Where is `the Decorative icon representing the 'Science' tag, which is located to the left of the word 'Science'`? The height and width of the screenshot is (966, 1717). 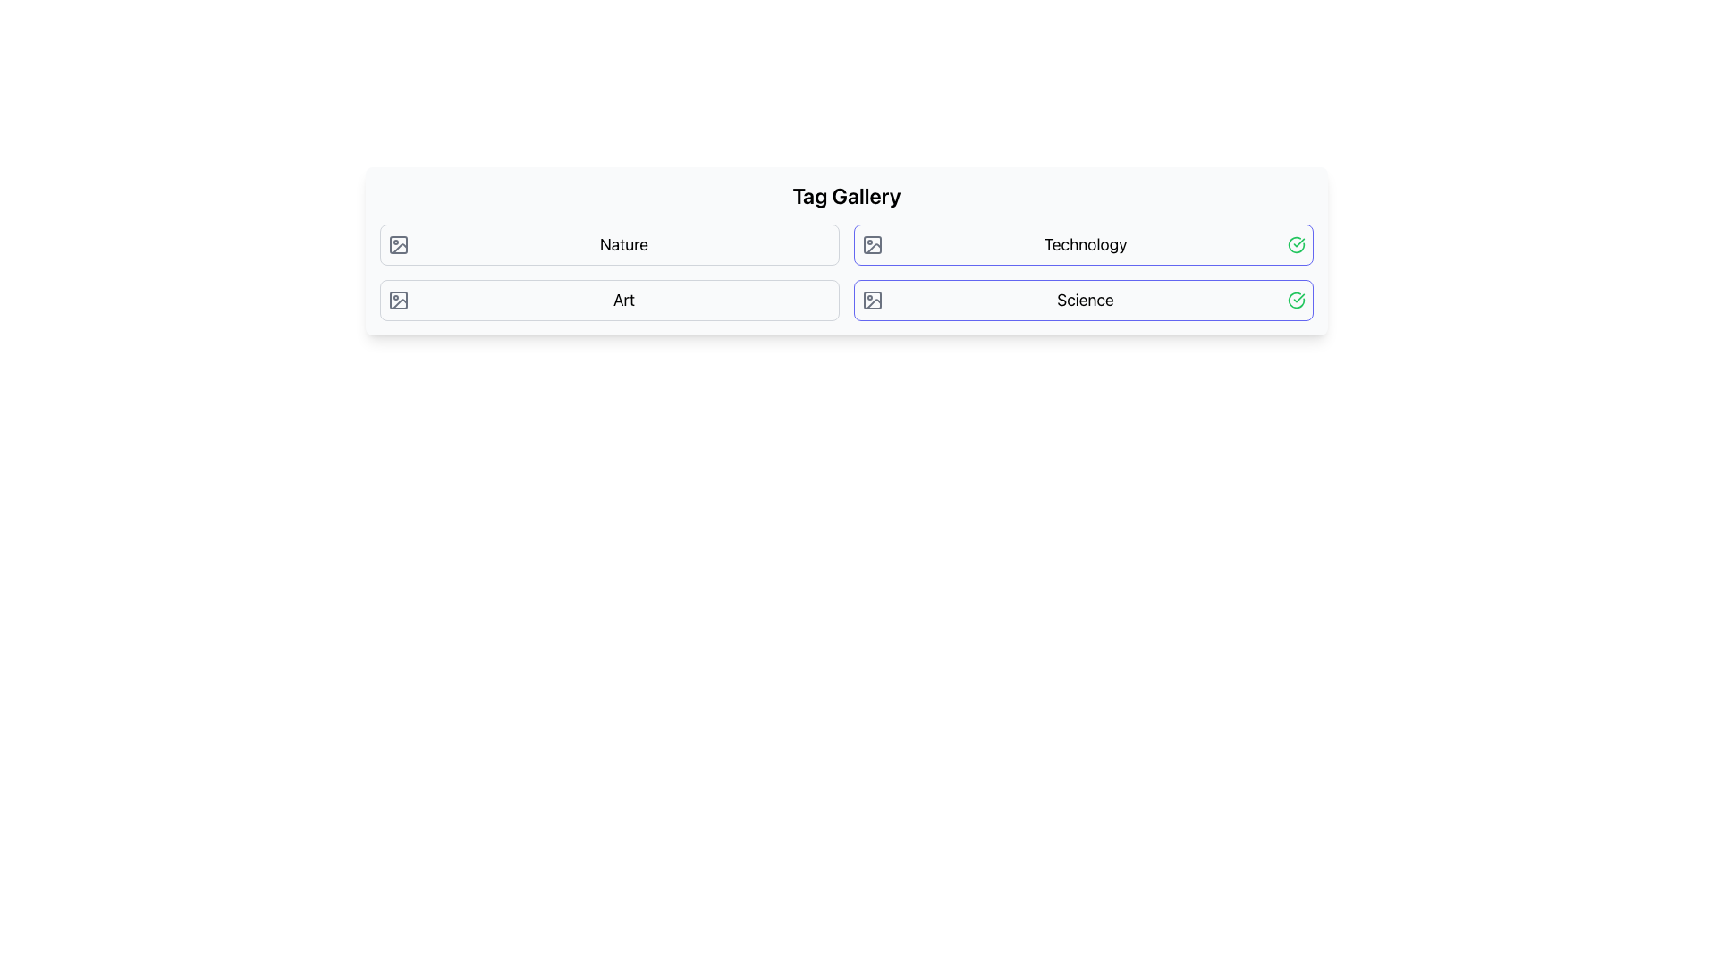 the Decorative icon representing the 'Science' tag, which is located to the left of the word 'Science' is located at coordinates (872, 299).